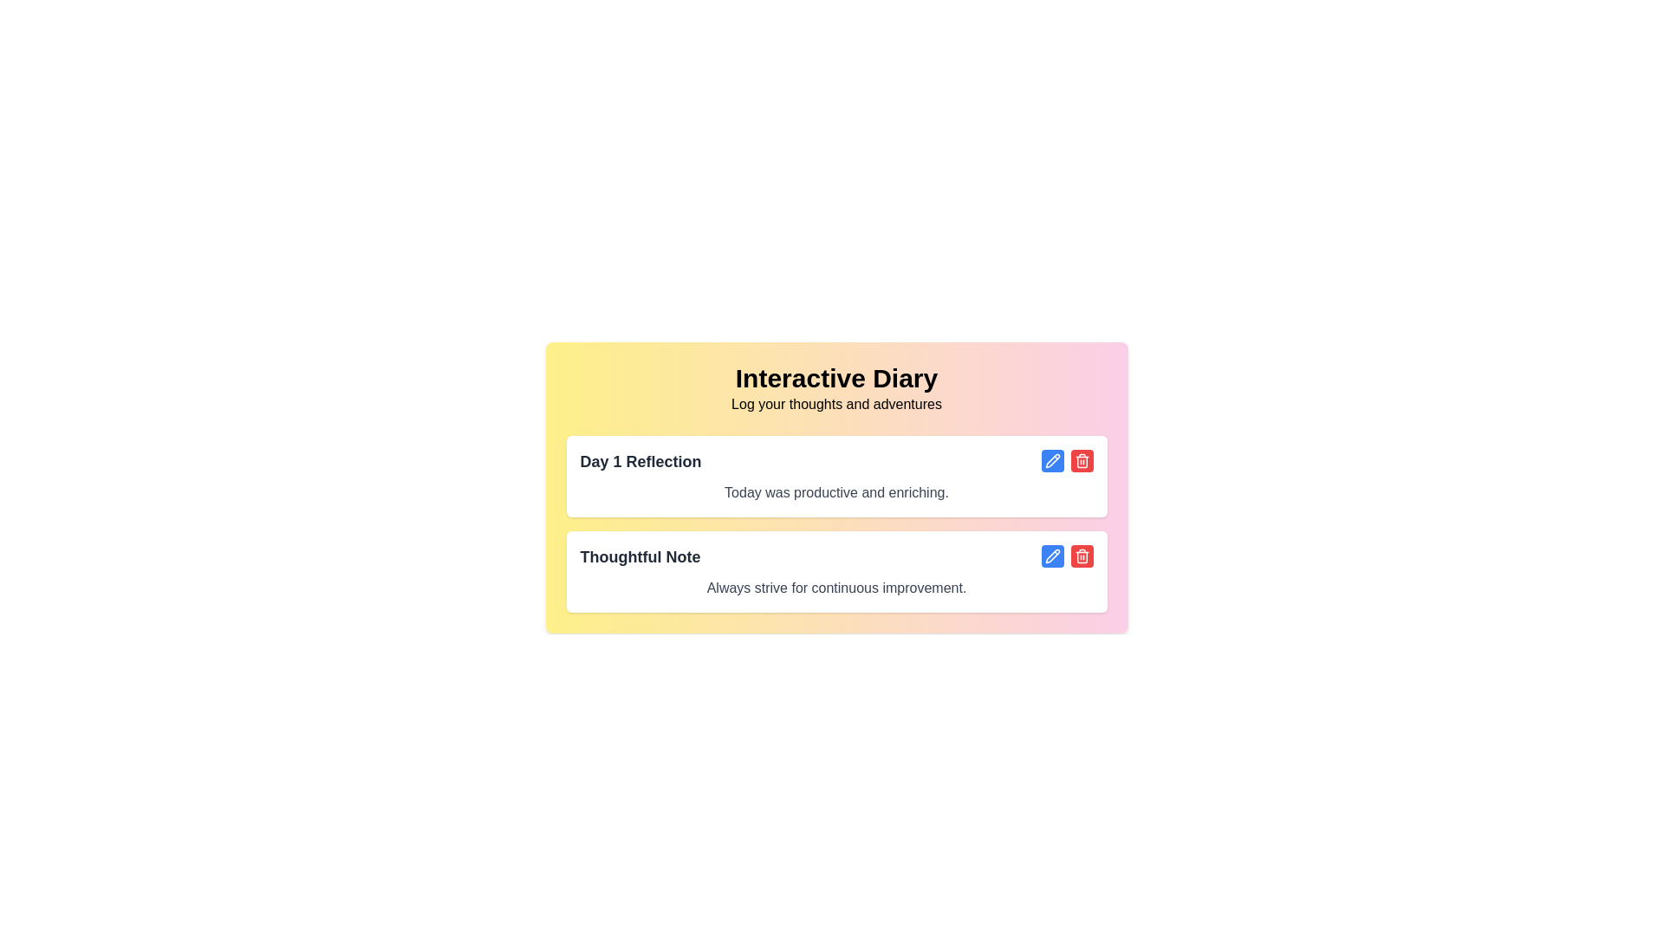 The height and width of the screenshot is (936, 1664). Describe the element at coordinates (836, 587) in the screenshot. I see `the motivational text label within the 'Thoughtful Note' section, which is centrally positioned beneath the section title and above editing buttons` at that location.